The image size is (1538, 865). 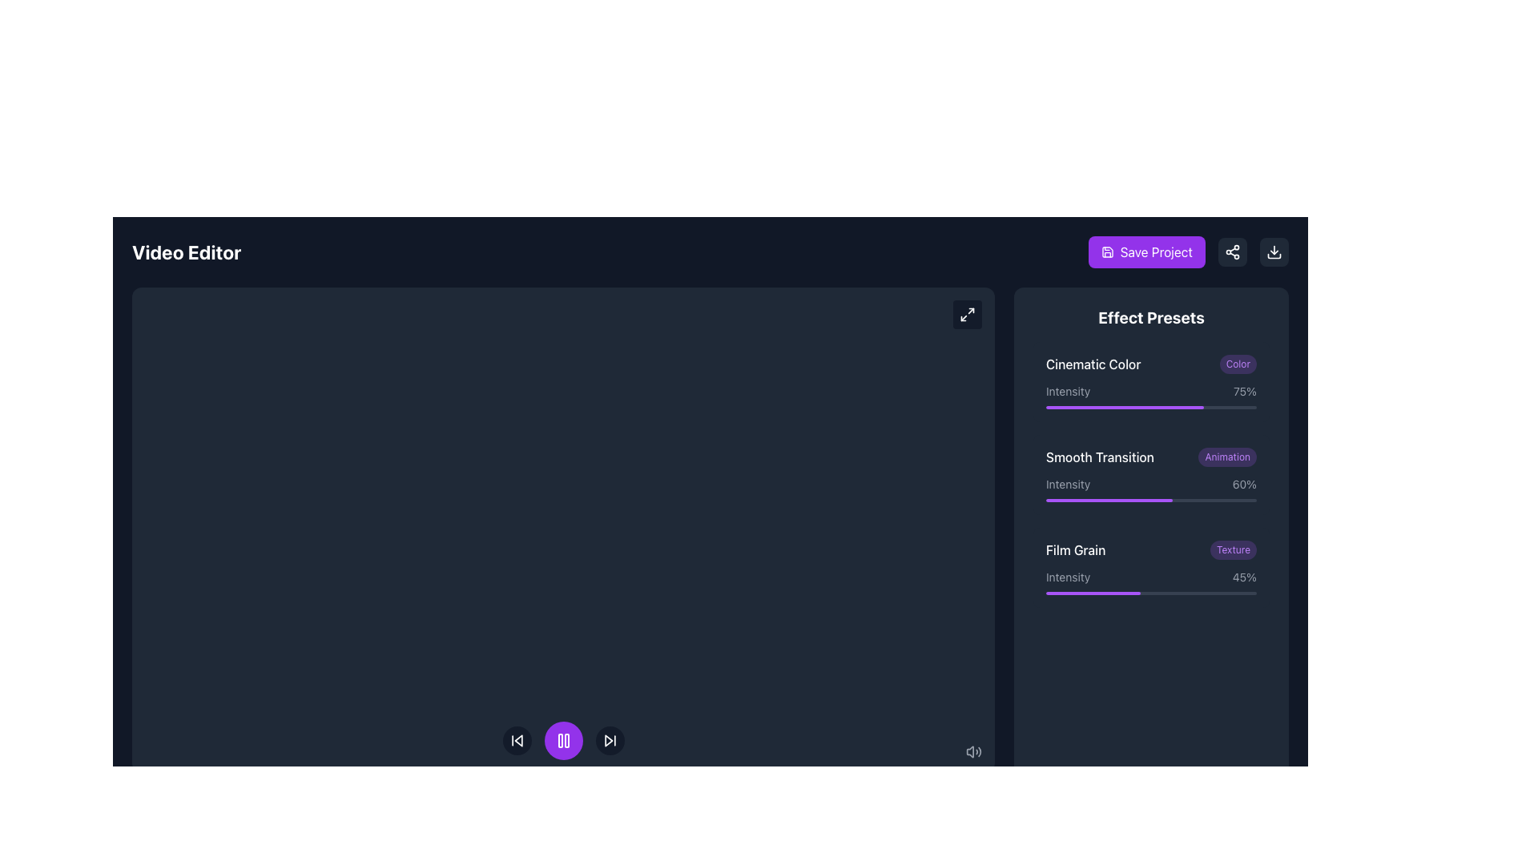 I want to click on progress bar for the 'Cinematic Color' effect intensity setting, currently displaying 75%, so click(x=1150, y=396).